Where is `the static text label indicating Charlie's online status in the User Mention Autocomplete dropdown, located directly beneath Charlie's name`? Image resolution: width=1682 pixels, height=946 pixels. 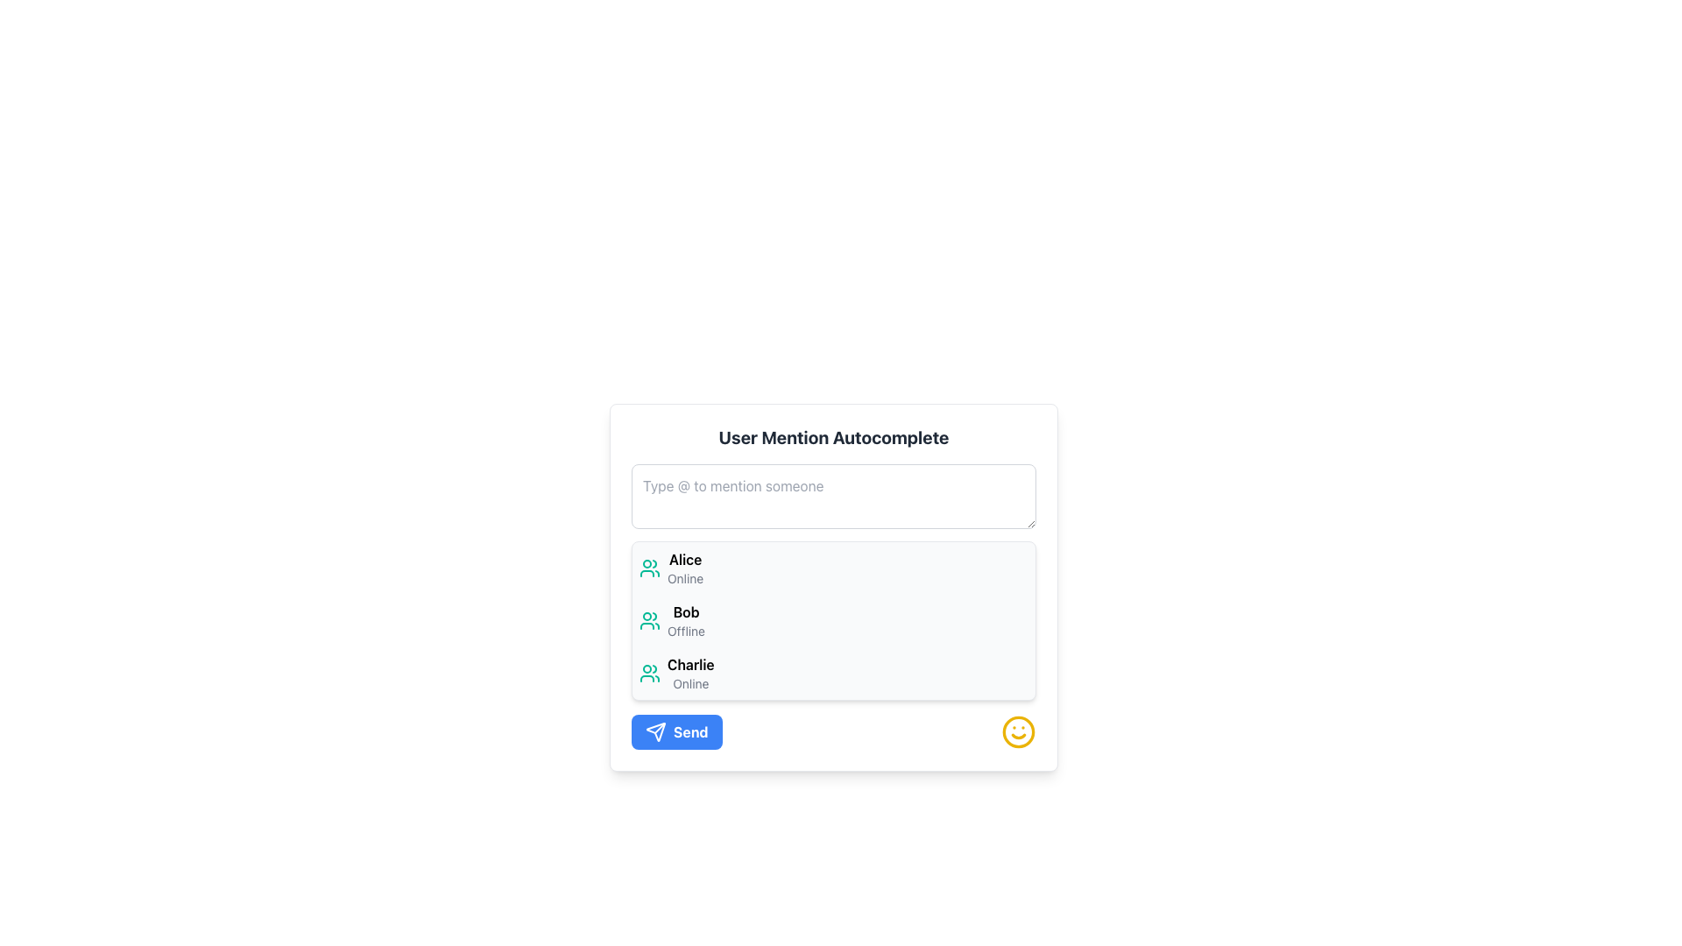
the static text label indicating Charlie's online status in the User Mention Autocomplete dropdown, located directly beneath Charlie's name is located at coordinates (689, 682).